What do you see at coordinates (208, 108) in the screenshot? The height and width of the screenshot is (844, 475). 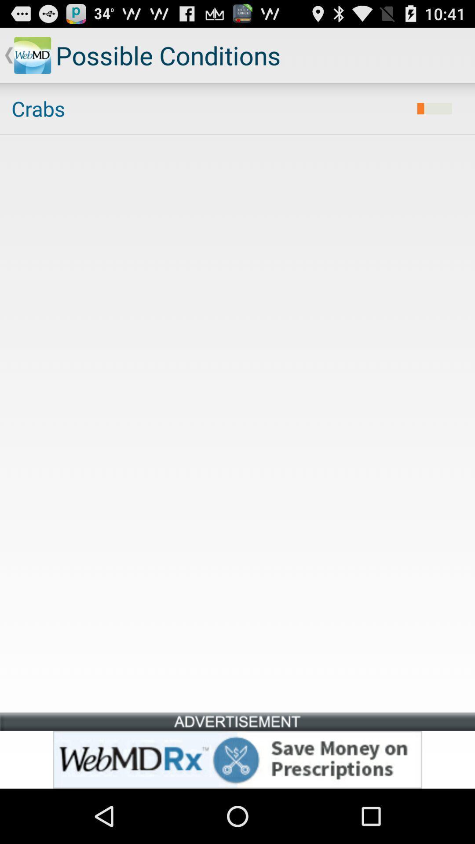 I see `the crabs` at bounding box center [208, 108].